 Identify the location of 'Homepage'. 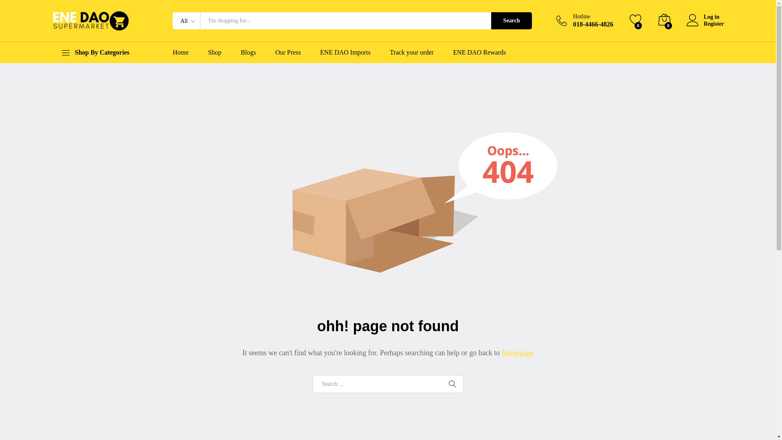
(517, 352).